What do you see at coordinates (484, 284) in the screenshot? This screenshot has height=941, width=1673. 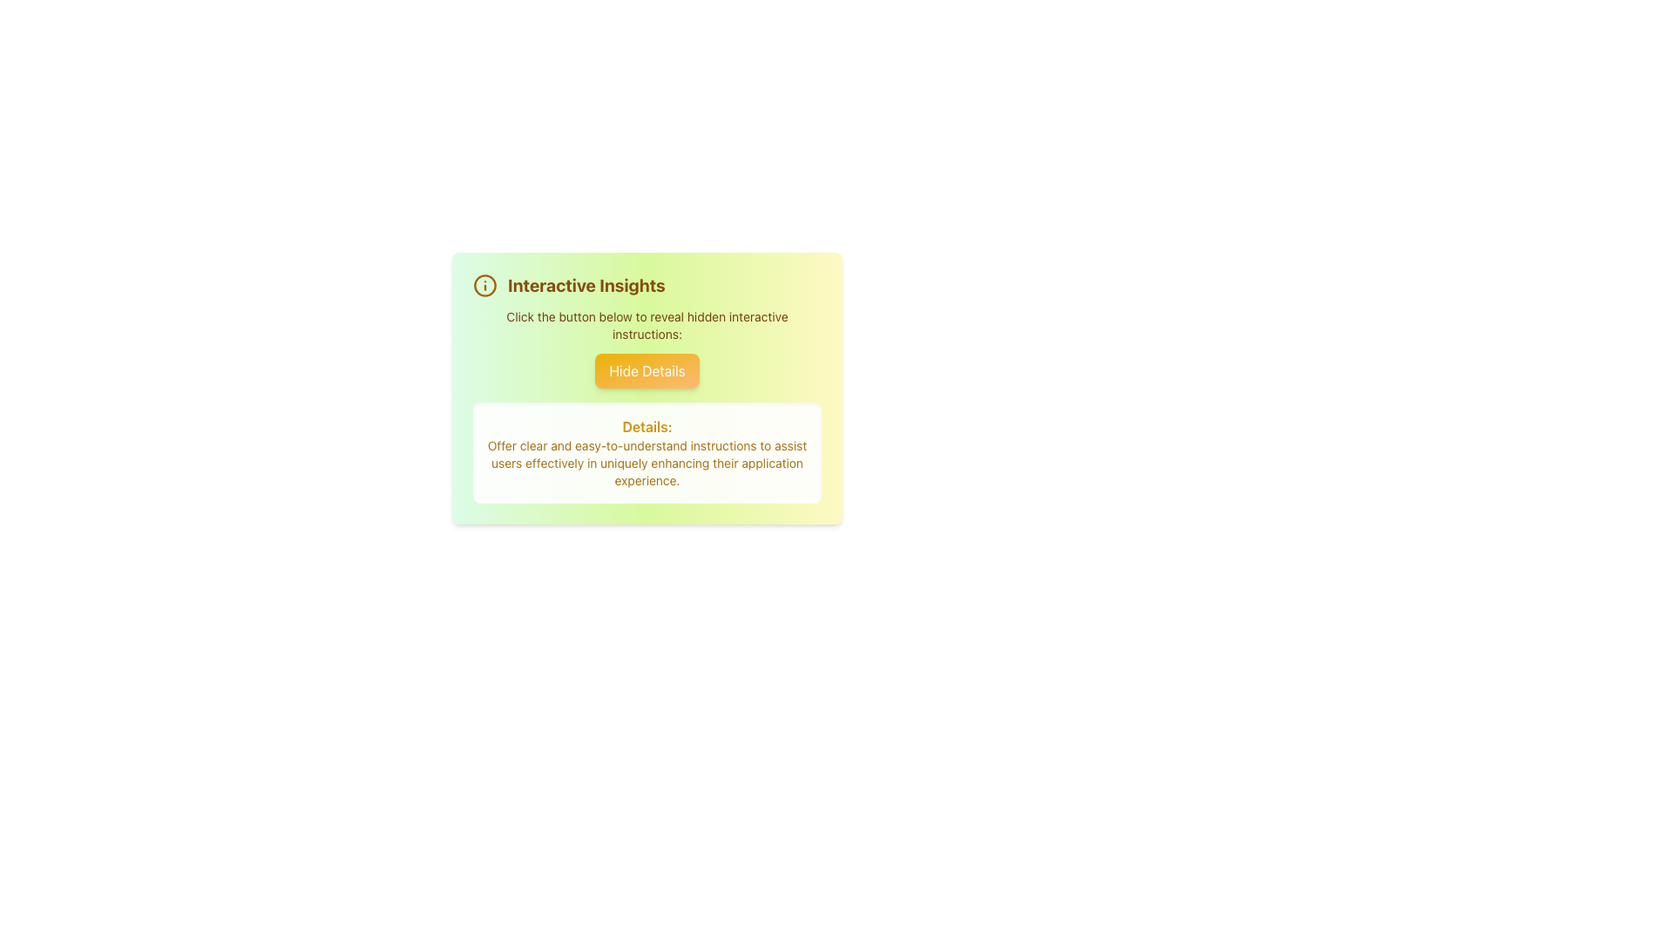 I see `the circular graphical element within the informational icon located at the upper-left section of the green-highlighted panel containing the 'Interactive Insights' text` at bounding box center [484, 284].